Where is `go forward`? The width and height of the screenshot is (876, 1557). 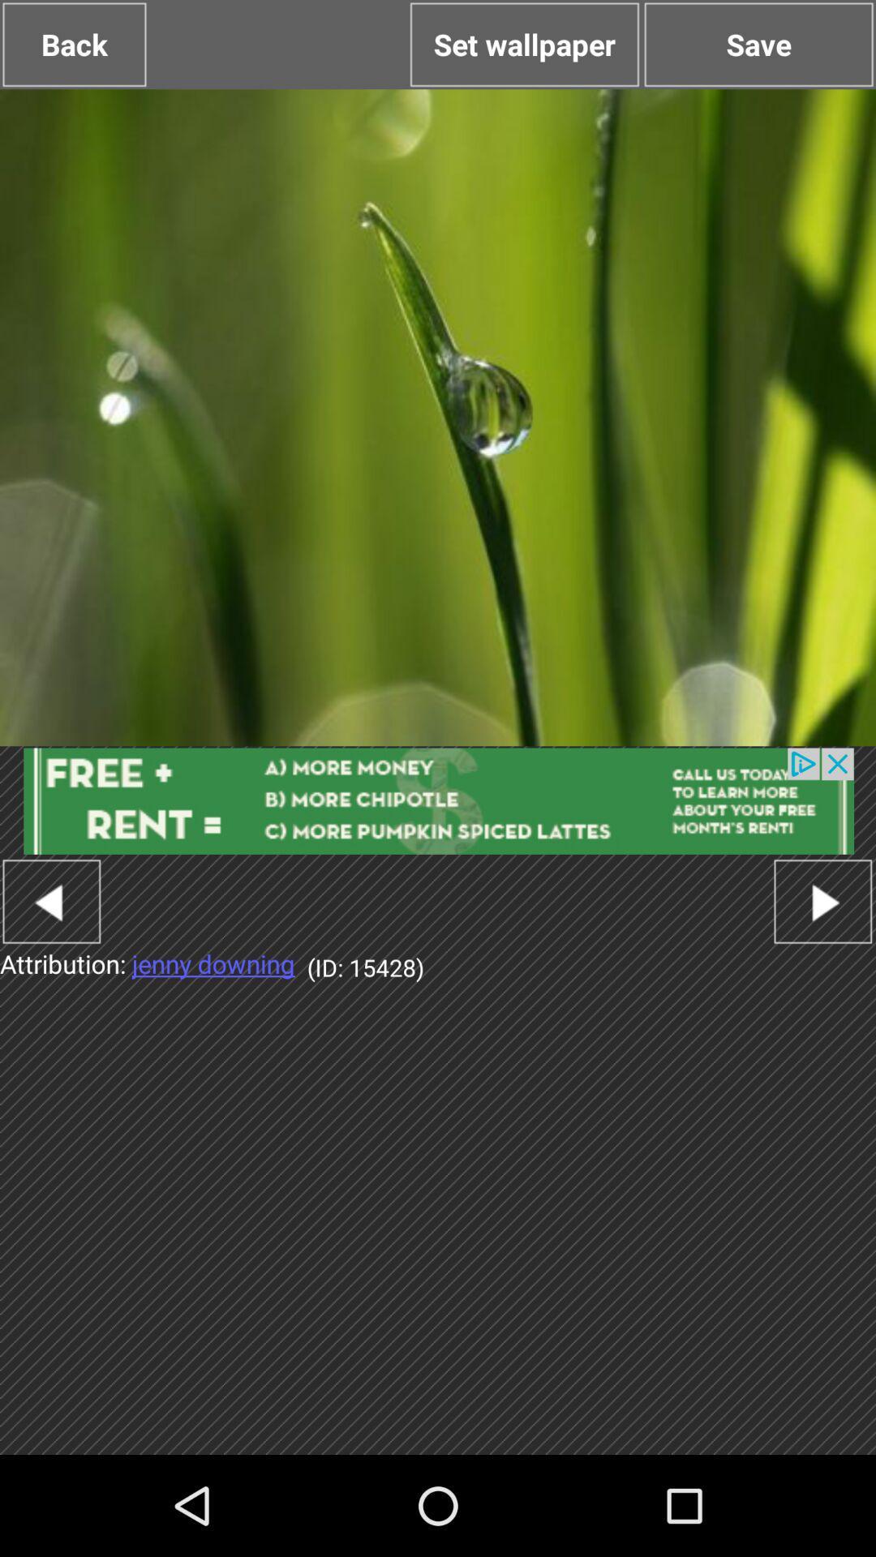
go forward is located at coordinates (822, 900).